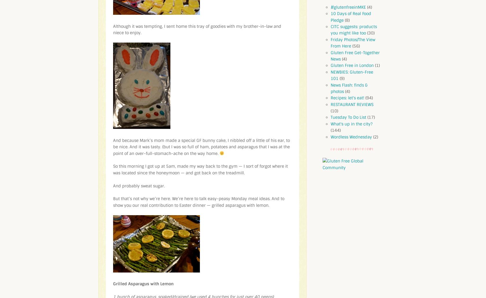 The height and width of the screenshot is (298, 486). I want to click on 'What's up in the city?', so click(331, 123).